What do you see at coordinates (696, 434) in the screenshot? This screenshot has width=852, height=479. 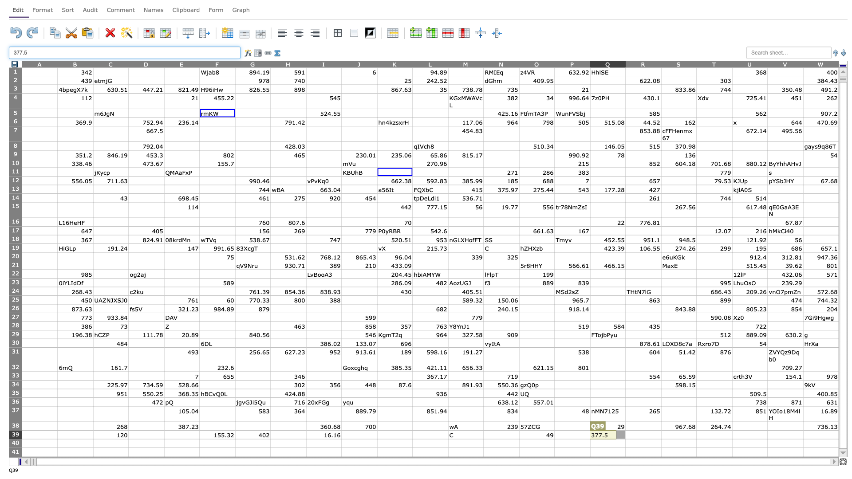 I see `left edge of cell T39` at bounding box center [696, 434].